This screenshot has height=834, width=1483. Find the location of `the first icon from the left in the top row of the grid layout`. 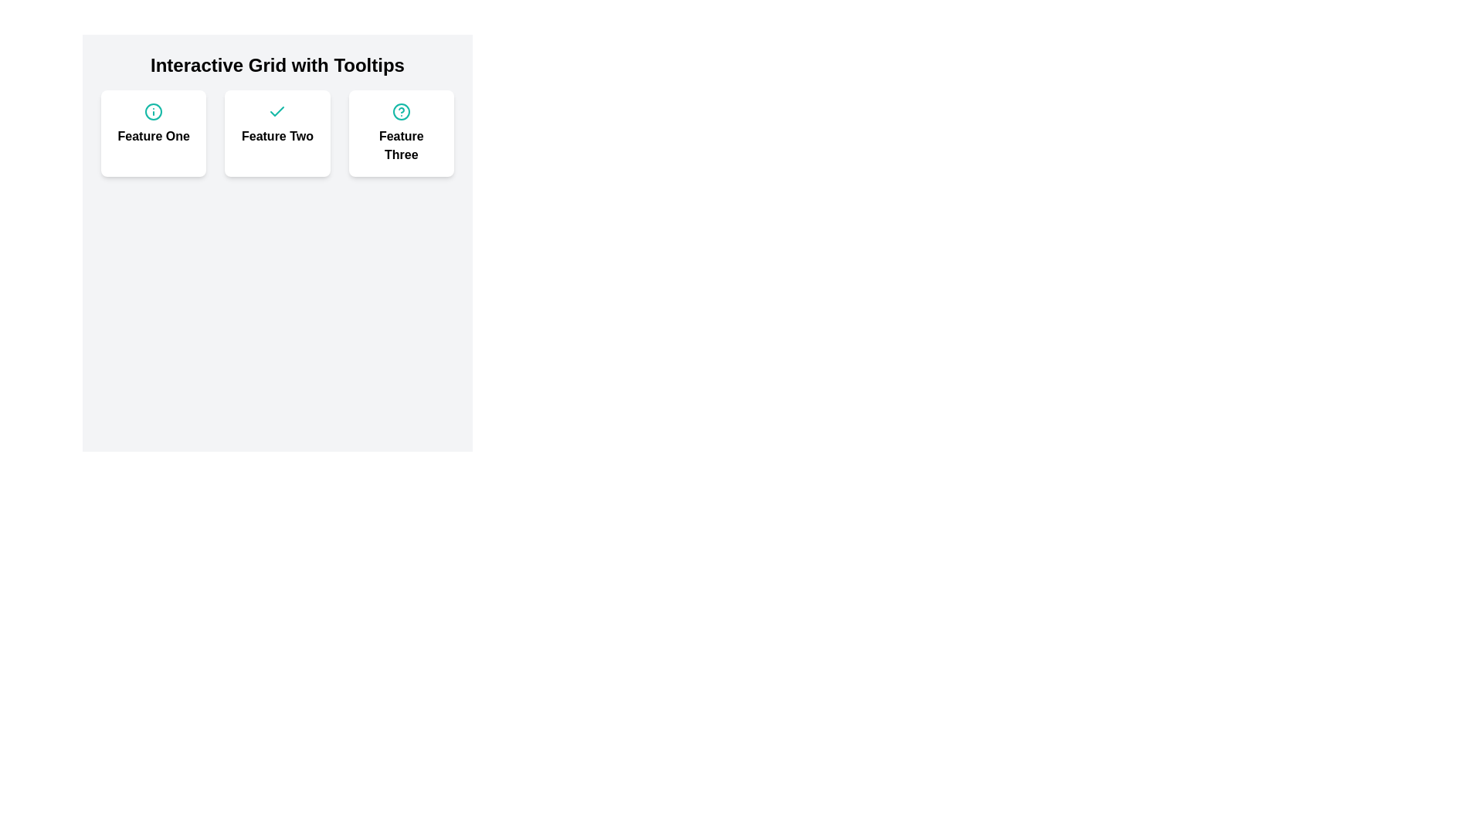

the first icon from the left in the top row of the grid layout is located at coordinates (154, 111).